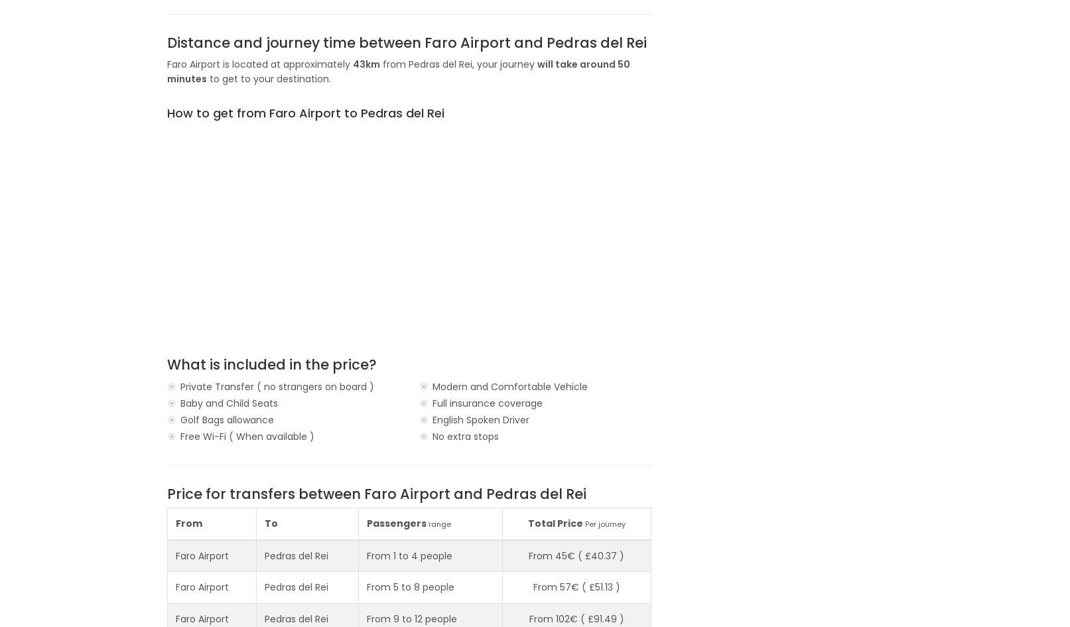 The width and height of the screenshot is (1070, 627). I want to click on 'English Spoken Driver', so click(432, 419).